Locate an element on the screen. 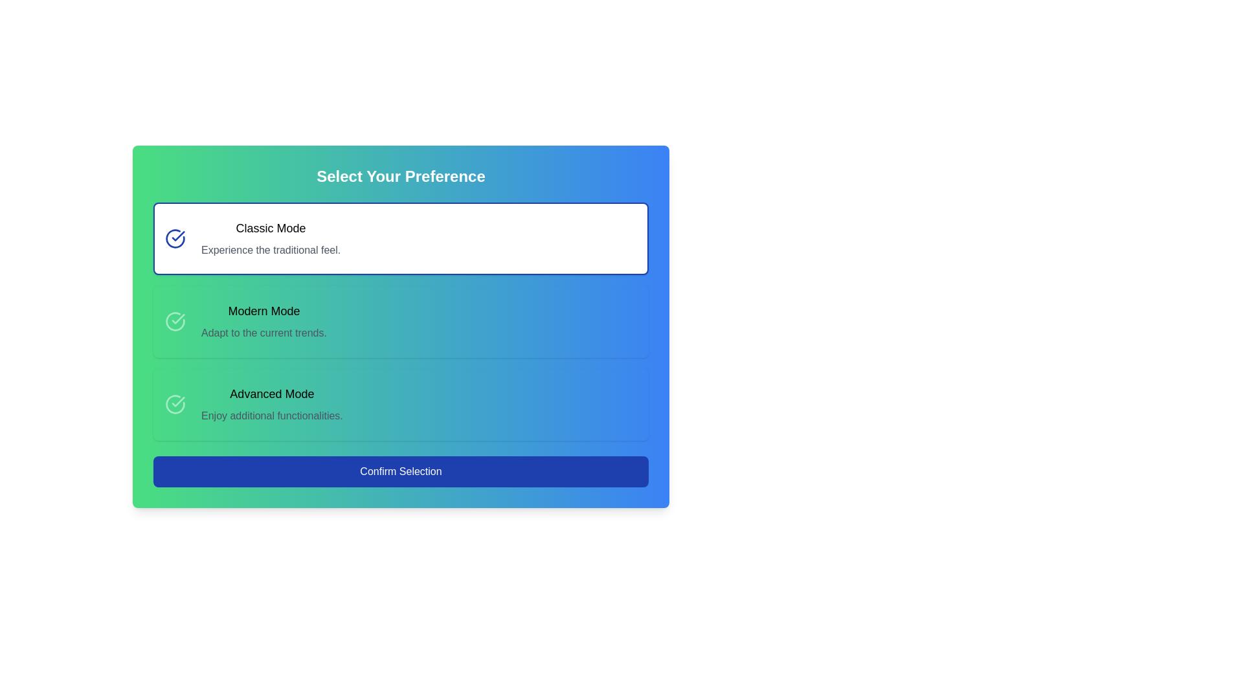  the descriptive text label for the 'Modern Mode' option, which is located below the heading 'Modern Mode' in the selection interface is located at coordinates (263, 333).